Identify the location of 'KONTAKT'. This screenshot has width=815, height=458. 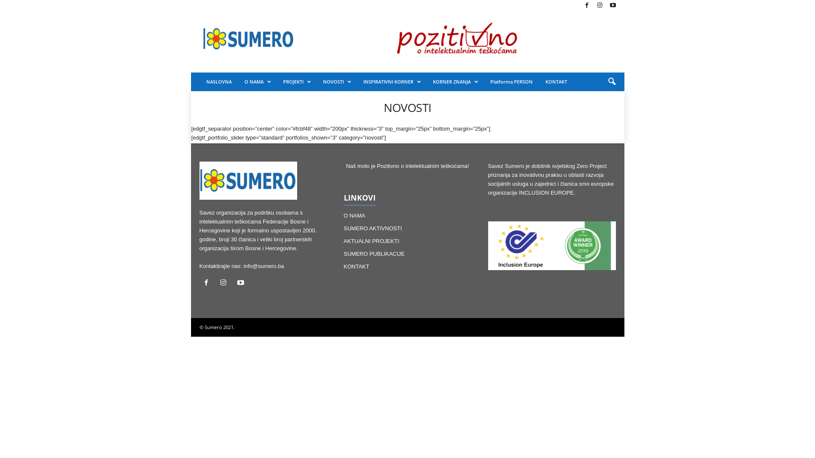
(344, 266).